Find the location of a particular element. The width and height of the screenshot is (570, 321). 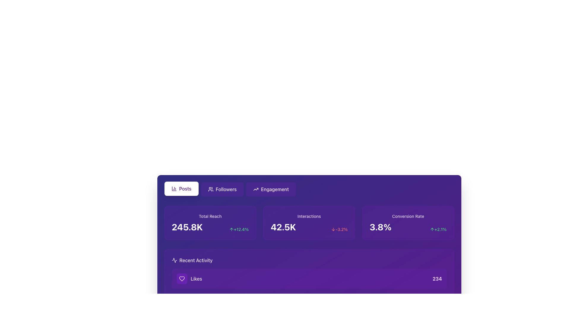

the Text label displaying the total reach of a social media campaign, located inside the purple card labeled 'Total Reach' in the top-left corner of the interface is located at coordinates (187, 227).